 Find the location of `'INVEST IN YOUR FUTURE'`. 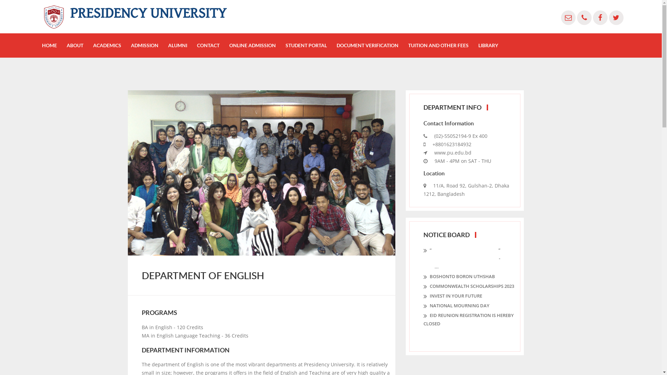

'INVEST IN YOUR FUTURE' is located at coordinates (452, 296).